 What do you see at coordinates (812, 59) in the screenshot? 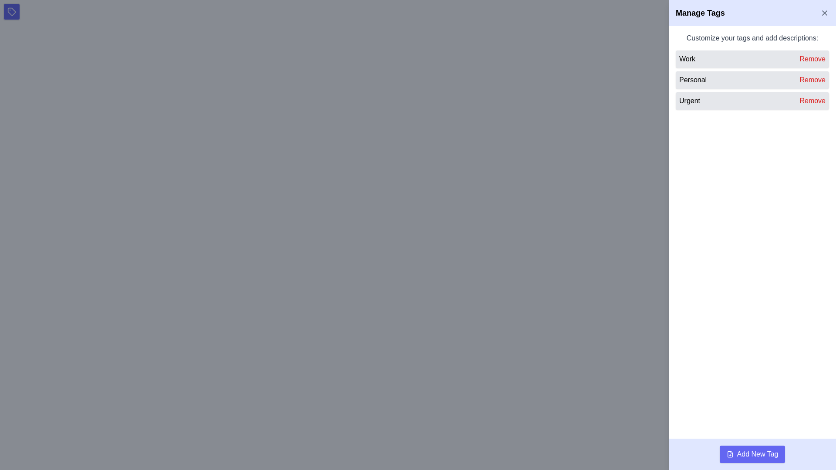
I see `the 'Remove' button, which is a red text button located to the right of the 'Work' label in the sidebar panel, to initiate the removal action` at bounding box center [812, 59].